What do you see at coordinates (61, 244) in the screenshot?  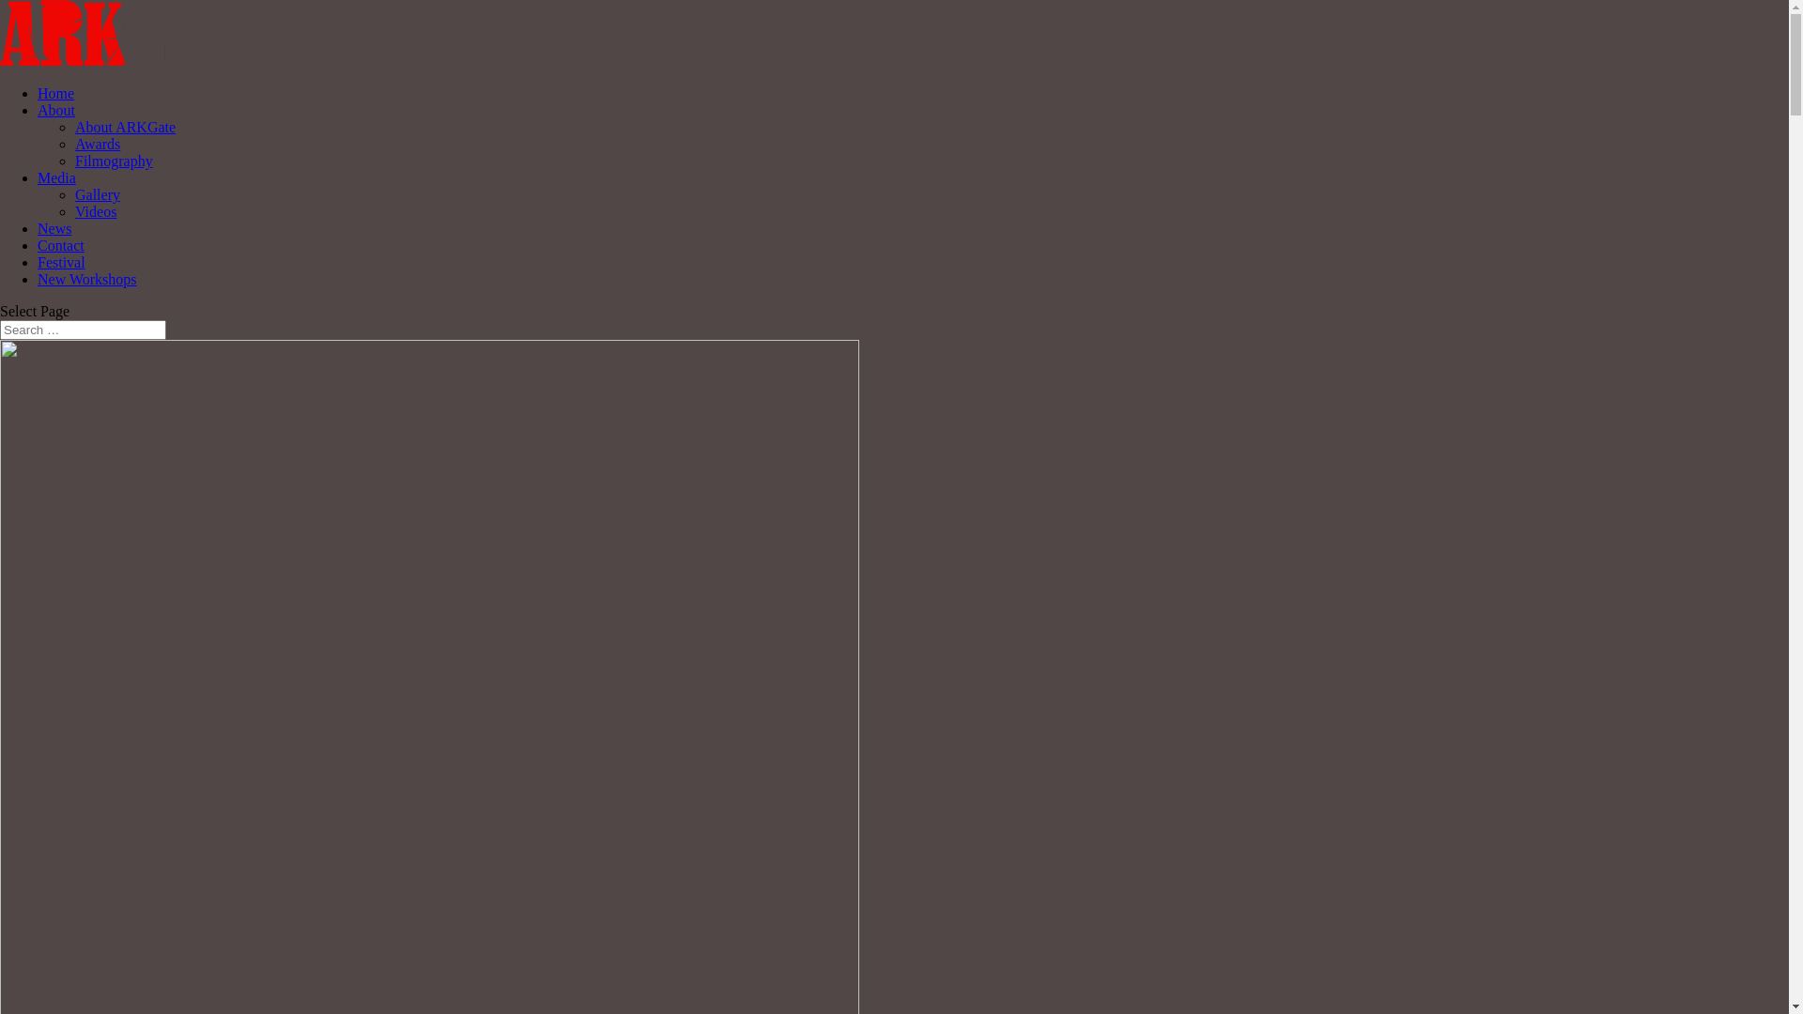 I see `'Contact'` at bounding box center [61, 244].